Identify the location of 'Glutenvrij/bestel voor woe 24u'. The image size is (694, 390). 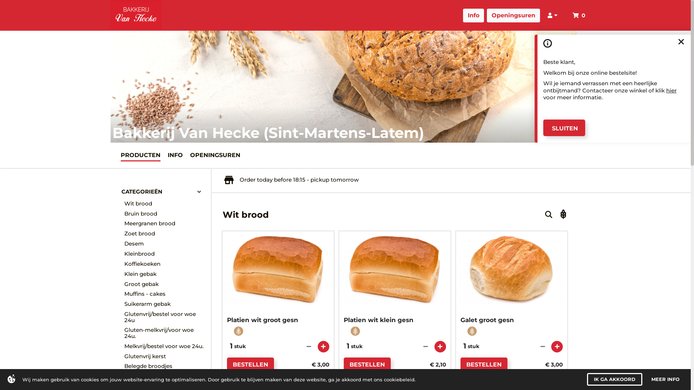
(124, 317).